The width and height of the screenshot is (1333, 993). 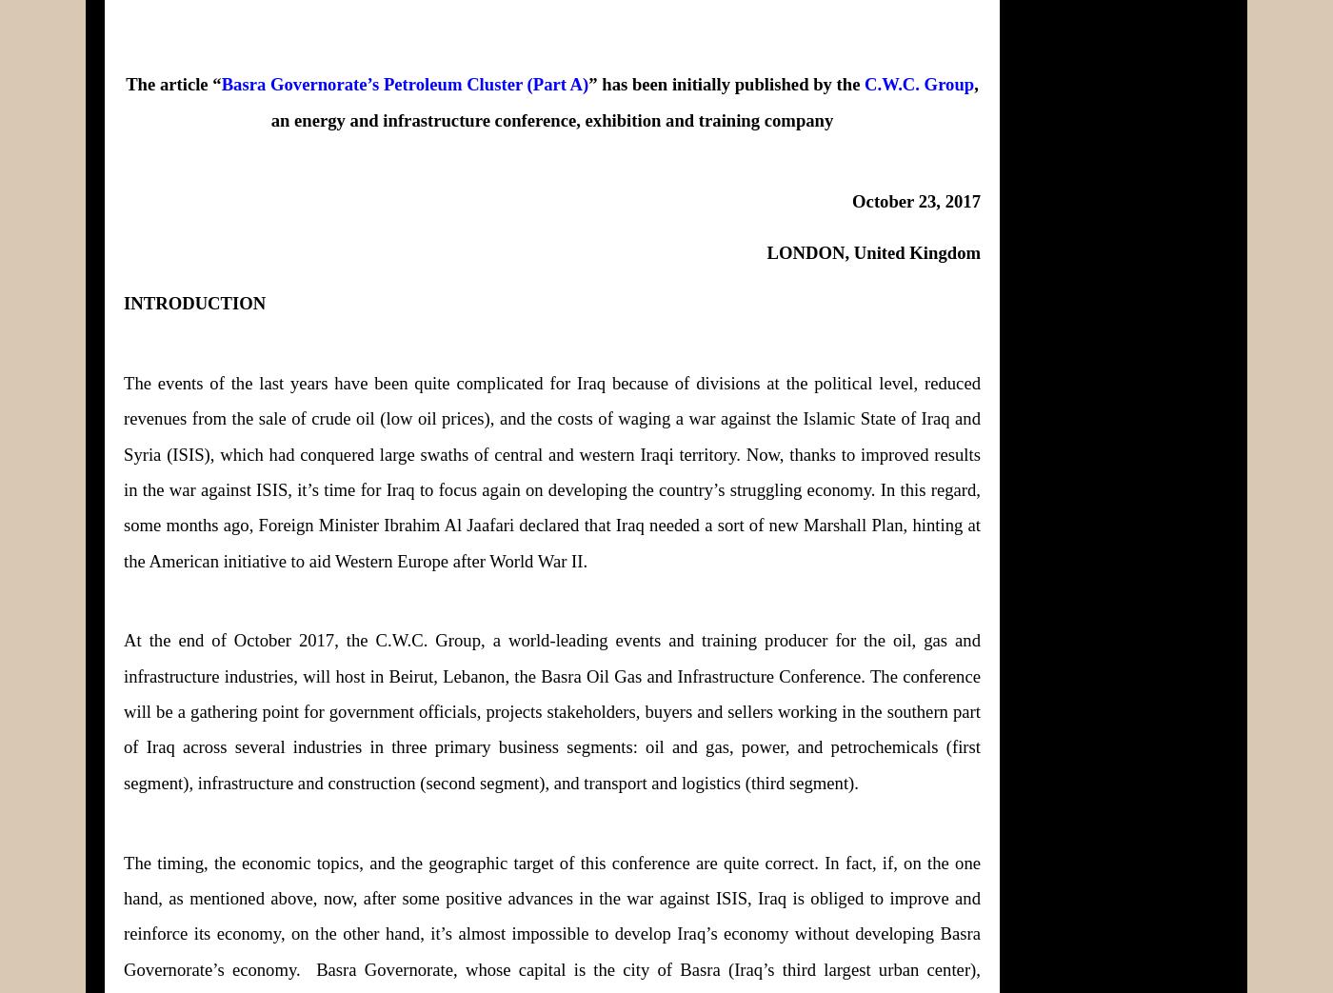 I want to click on 'October 23, 2017', so click(x=916, y=200).